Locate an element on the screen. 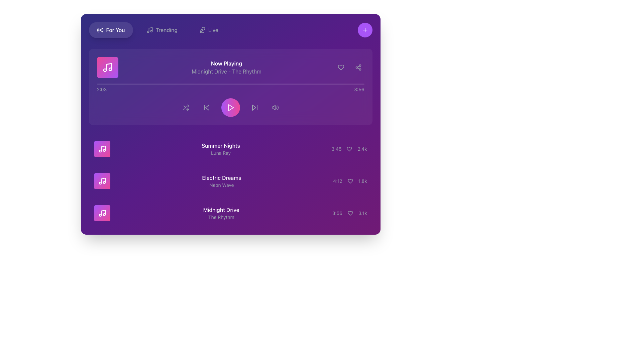  the forward skip icon, which is a triangle pointing right with a vertical line, located to the right of the circular play button is located at coordinates (254, 107).